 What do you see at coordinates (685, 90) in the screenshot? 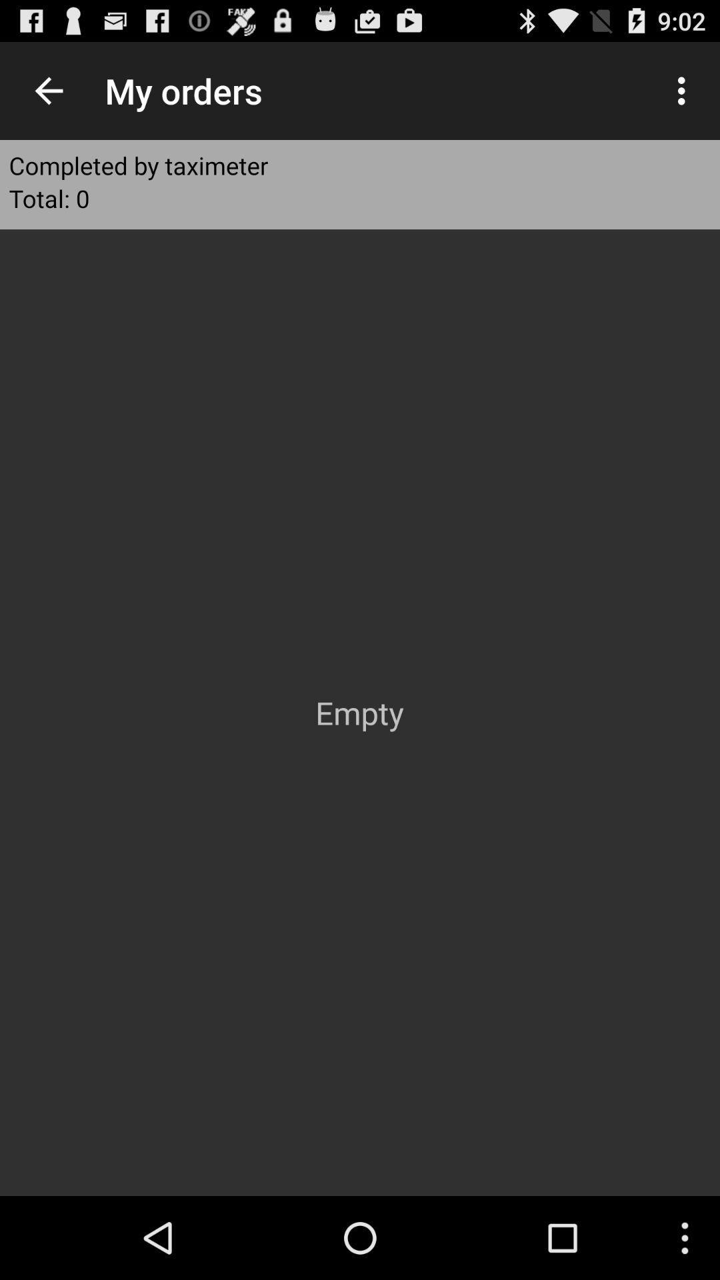
I see `the item next to the my orders item` at bounding box center [685, 90].